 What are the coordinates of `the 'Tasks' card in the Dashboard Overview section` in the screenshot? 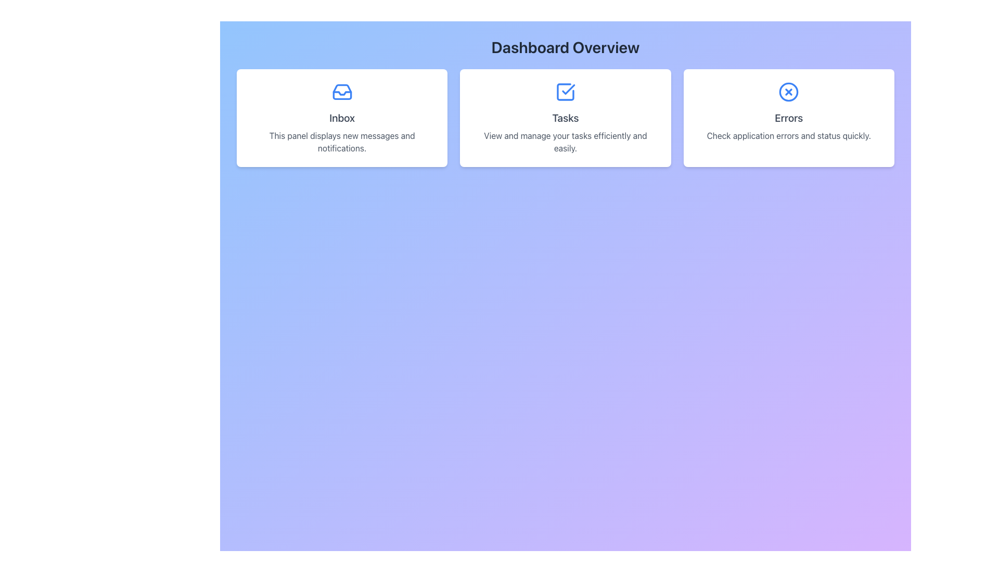 It's located at (565, 118).